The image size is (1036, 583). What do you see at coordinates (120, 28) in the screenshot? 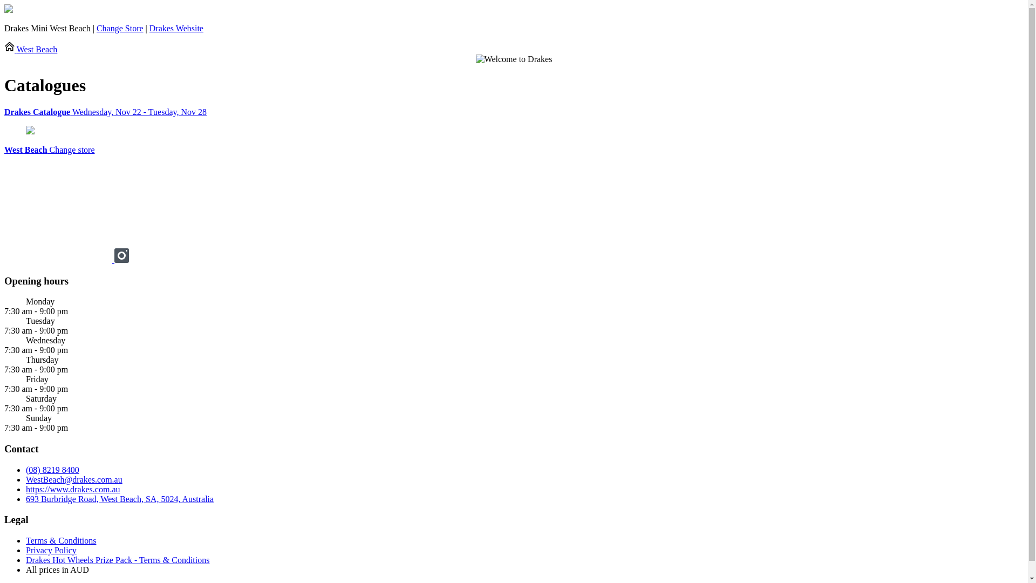
I see `'Change Store'` at bounding box center [120, 28].